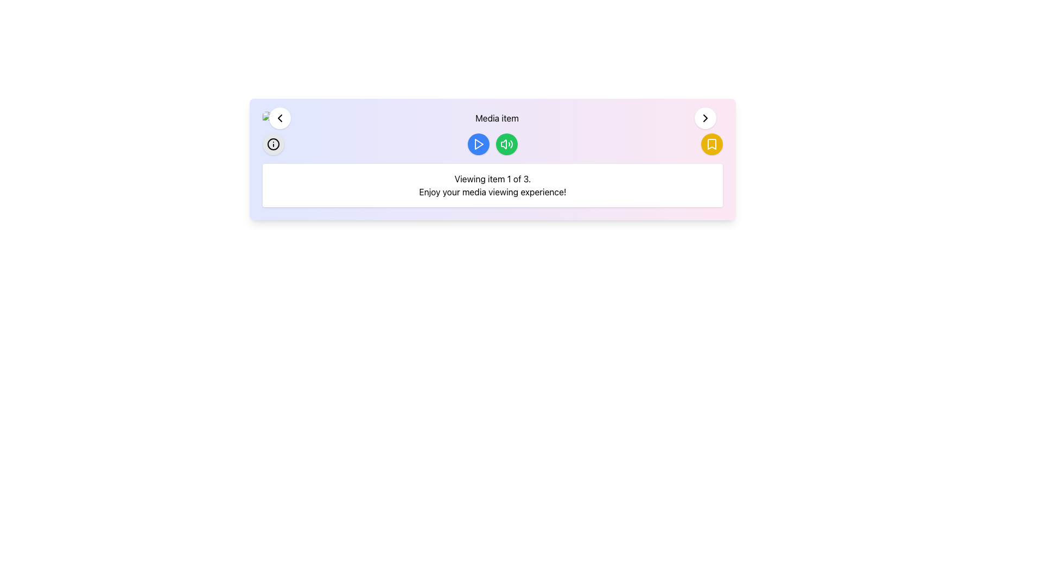 The image size is (1042, 586). Describe the element at coordinates (492, 144) in the screenshot. I see `the right circular button with a green background and a white speaker icon to adjust audio settings` at that location.